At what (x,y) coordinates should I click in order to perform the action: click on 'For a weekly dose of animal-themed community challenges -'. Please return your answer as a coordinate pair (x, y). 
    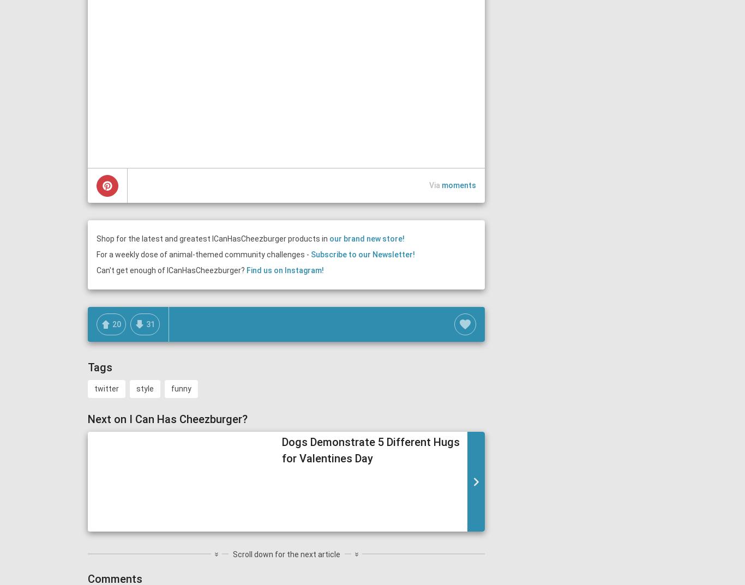
    Looking at the image, I should click on (203, 254).